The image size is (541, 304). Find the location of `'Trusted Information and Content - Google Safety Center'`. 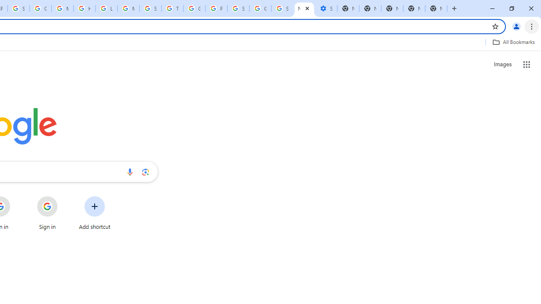

'Trusted Information and Content - Google Safety Center' is located at coordinates (172, 8).